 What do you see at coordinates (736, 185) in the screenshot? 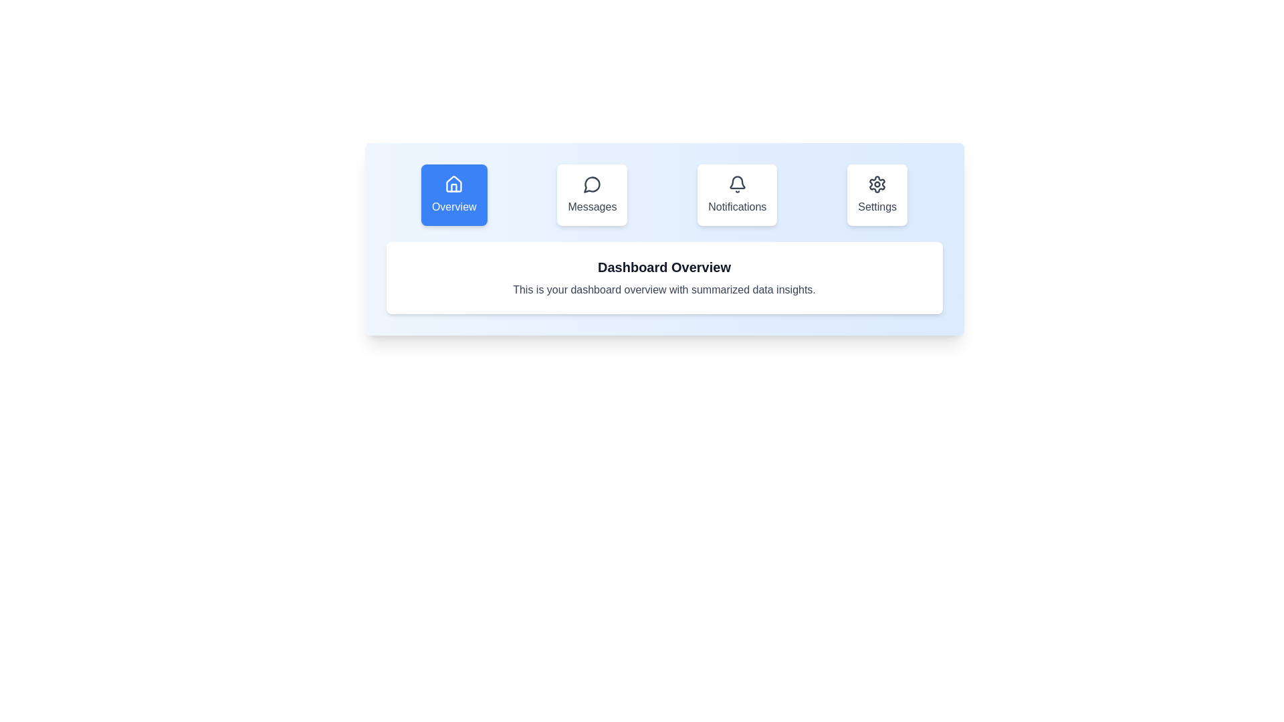
I see `the bell icon in the Notifications section` at bounding box center [736, 185].